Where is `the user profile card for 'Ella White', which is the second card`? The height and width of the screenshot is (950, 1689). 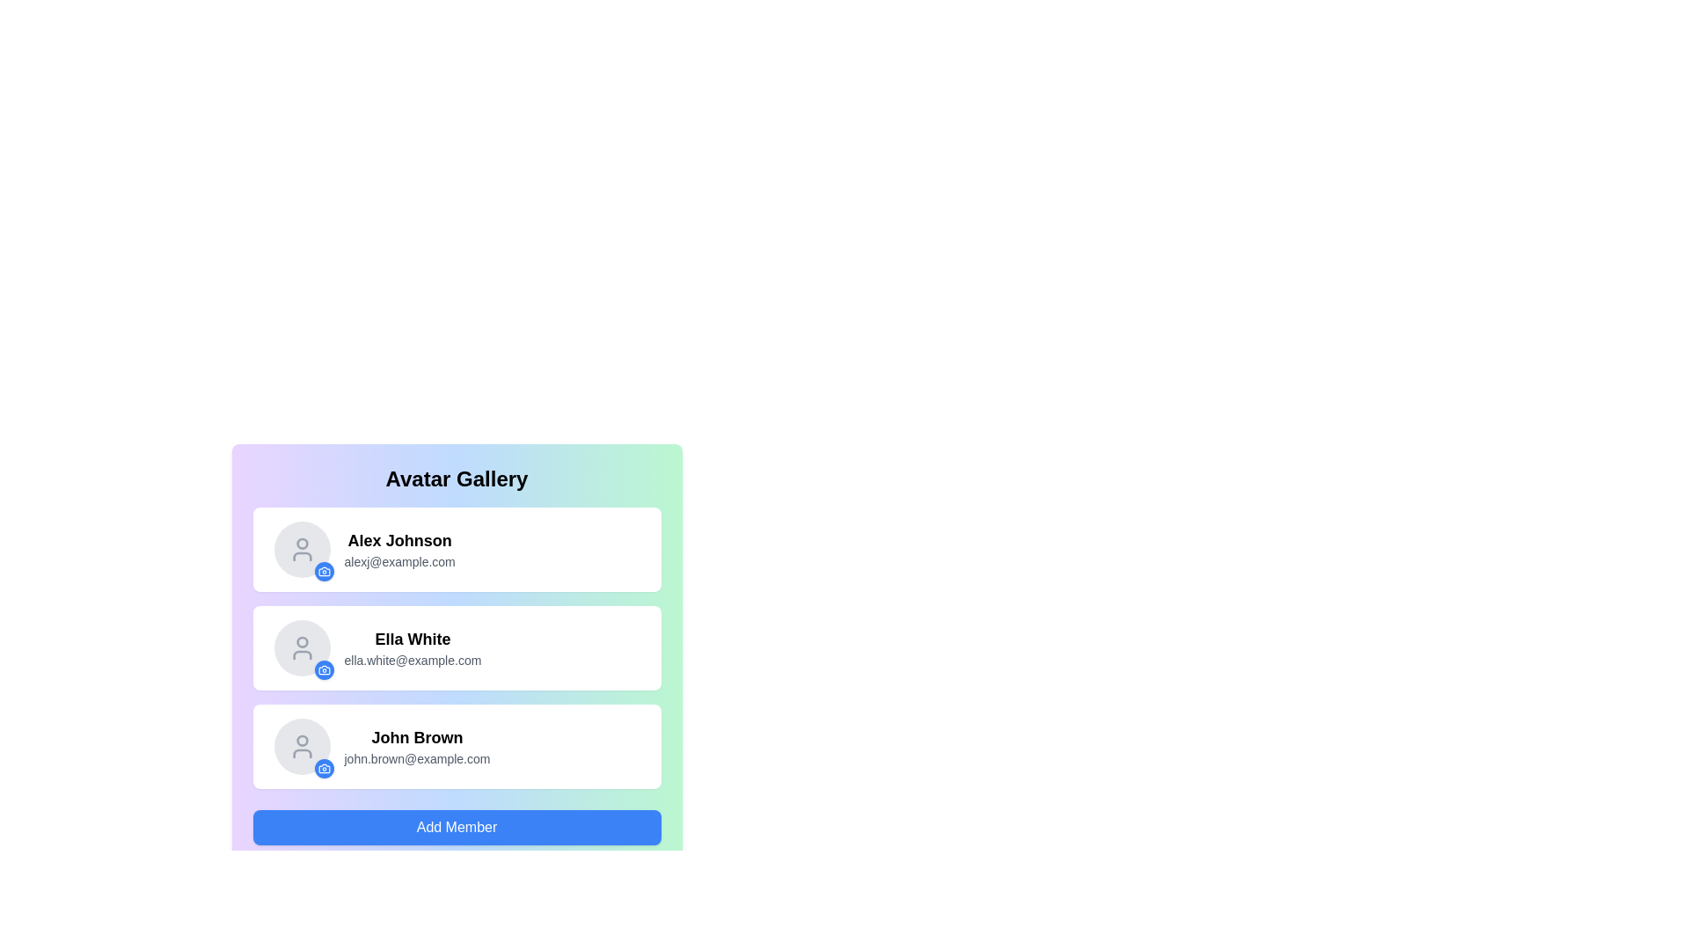 the user profile card for 'Ella White', which is the second card is located at coordinates (457, 647).